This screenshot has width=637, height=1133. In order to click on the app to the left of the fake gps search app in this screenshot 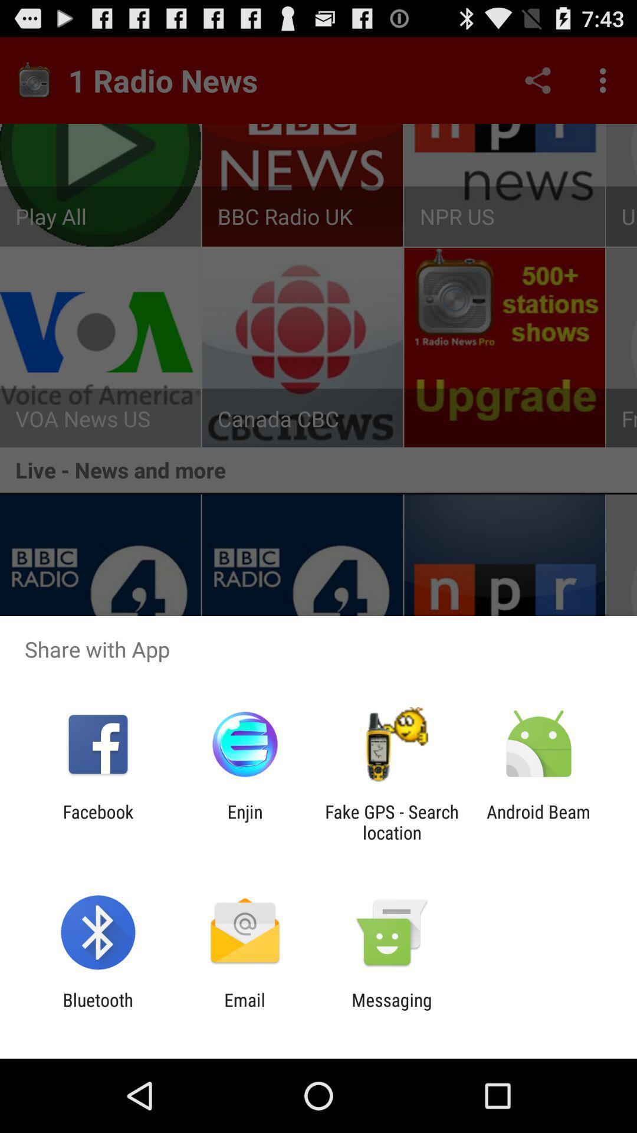, I will do `click(244, 821)`.